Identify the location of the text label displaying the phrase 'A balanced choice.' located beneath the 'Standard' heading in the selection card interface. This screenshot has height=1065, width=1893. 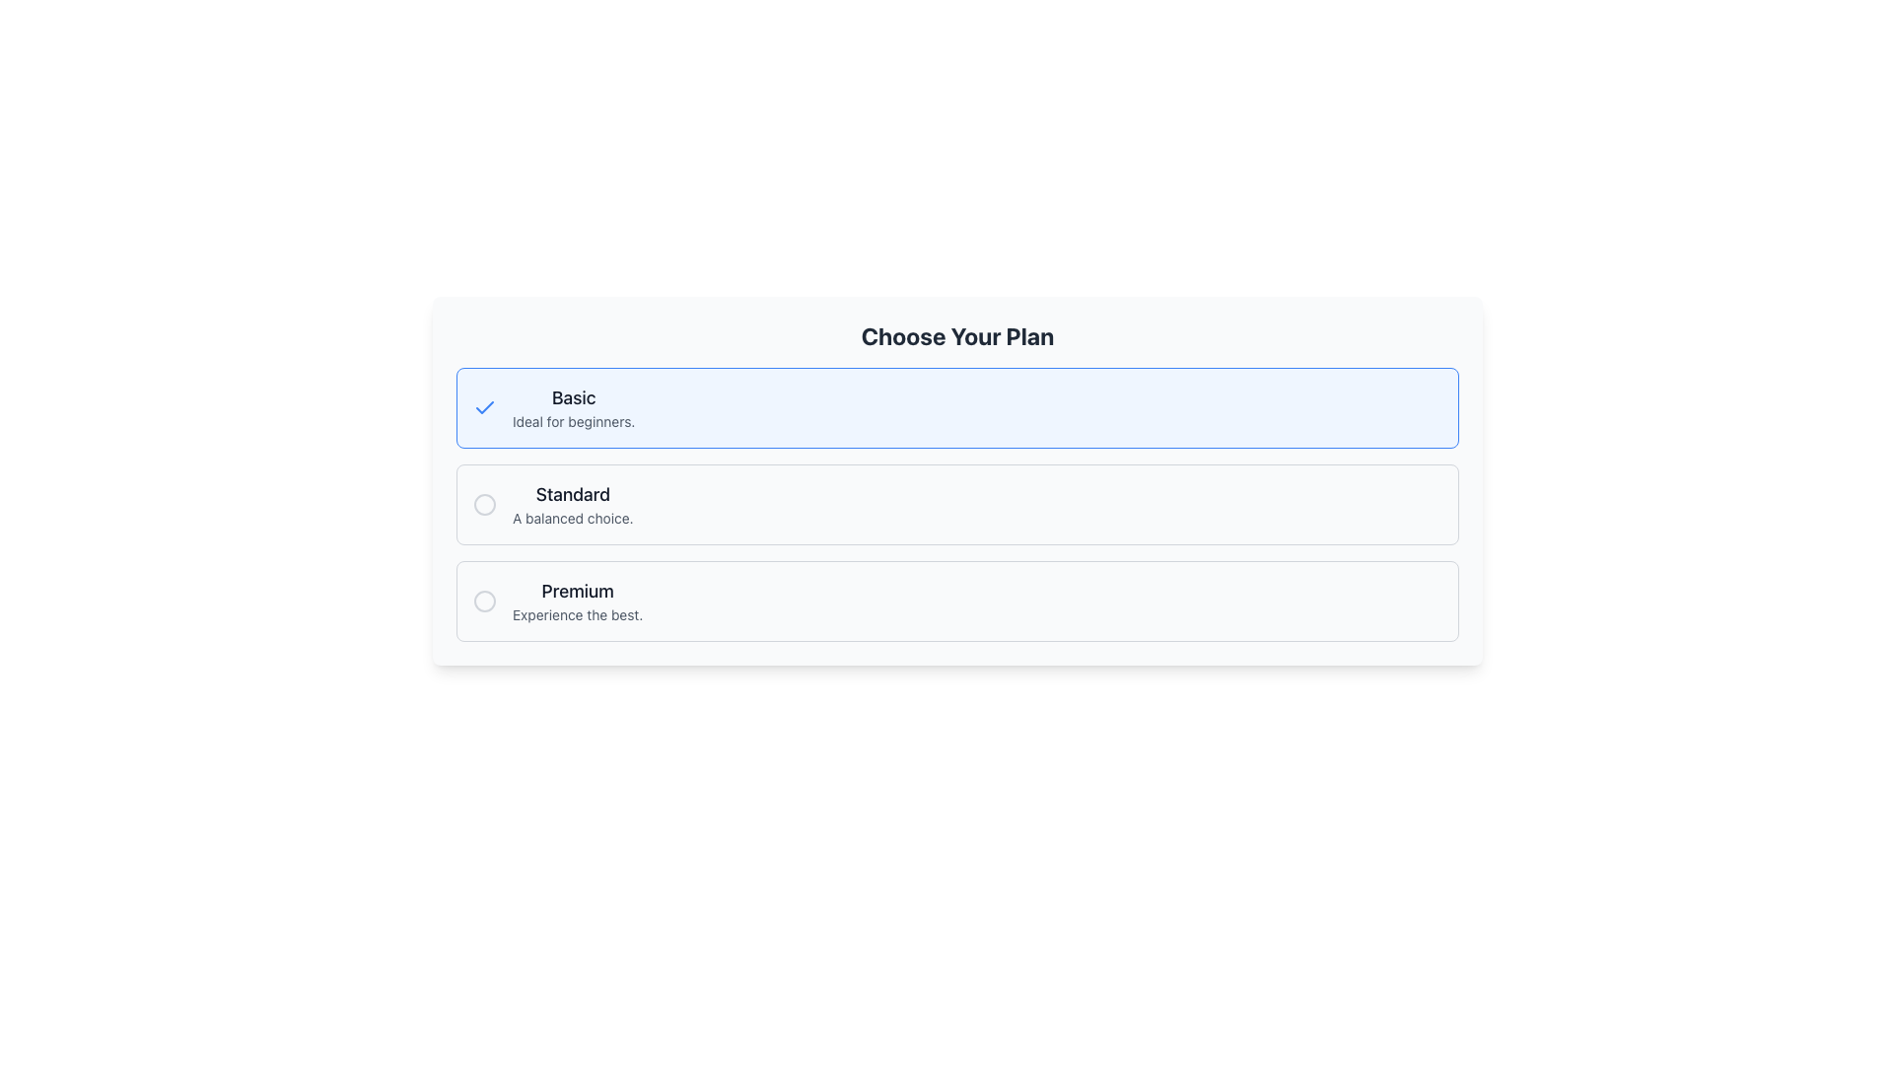
(572, 517).